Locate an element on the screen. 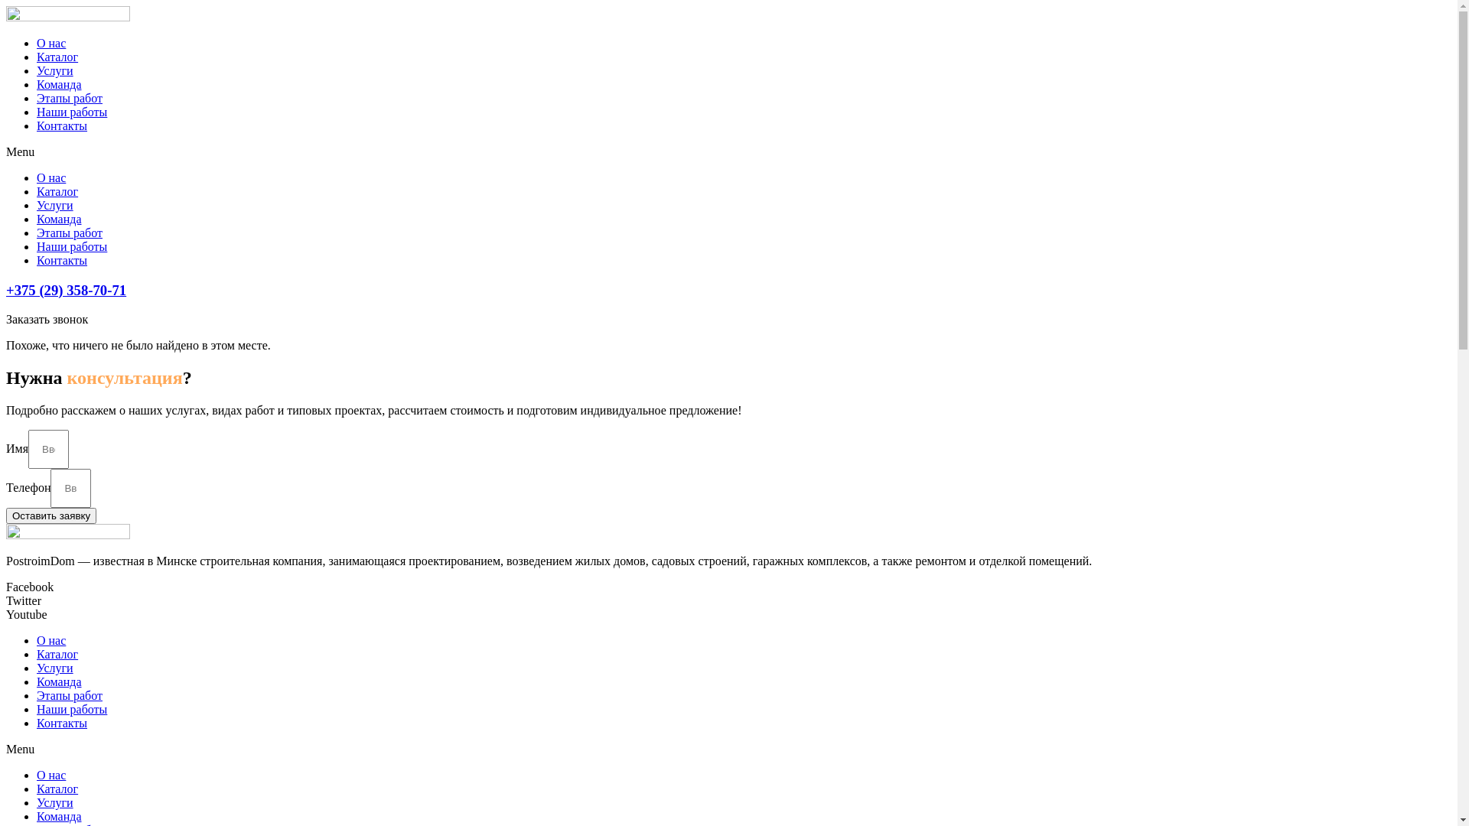  'Twitter' is located at coordinates (23, 600).